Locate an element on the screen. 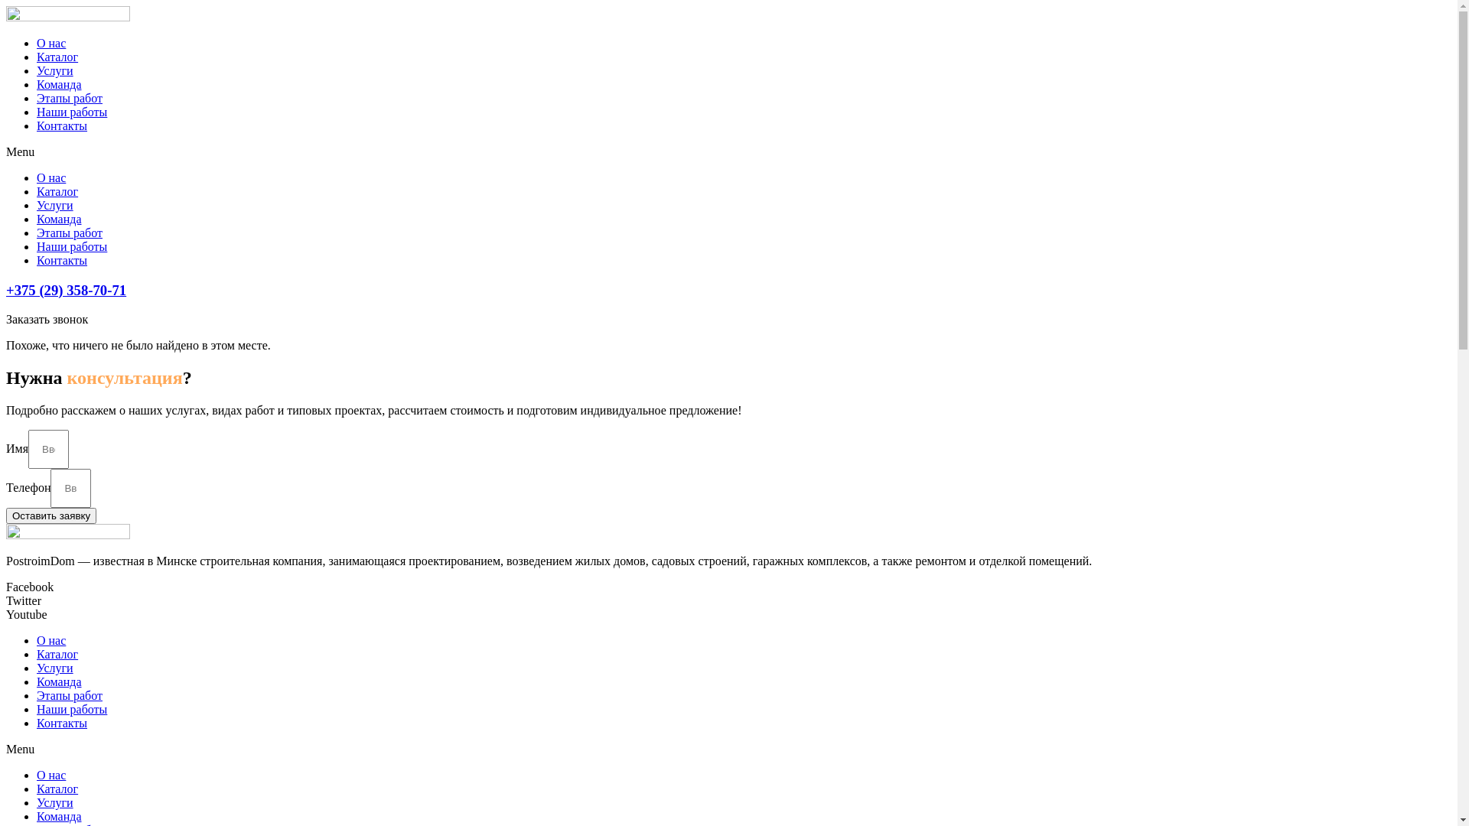  'Twitter' is located at coordinates (23, 600).